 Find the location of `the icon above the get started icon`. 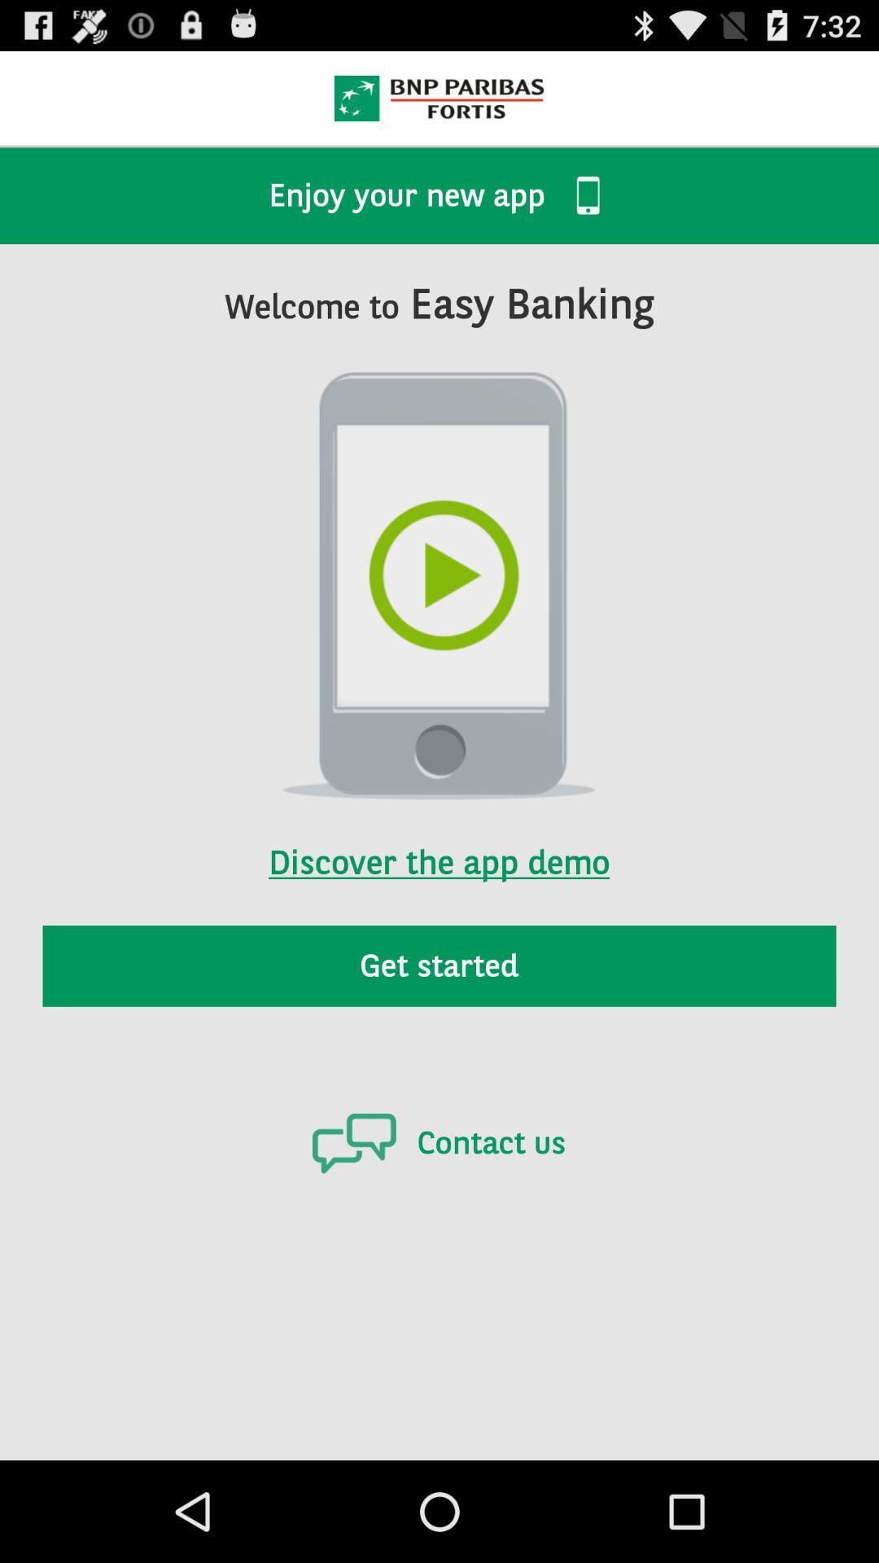

the icon above the get started icon is located at coordinates (438, 841).